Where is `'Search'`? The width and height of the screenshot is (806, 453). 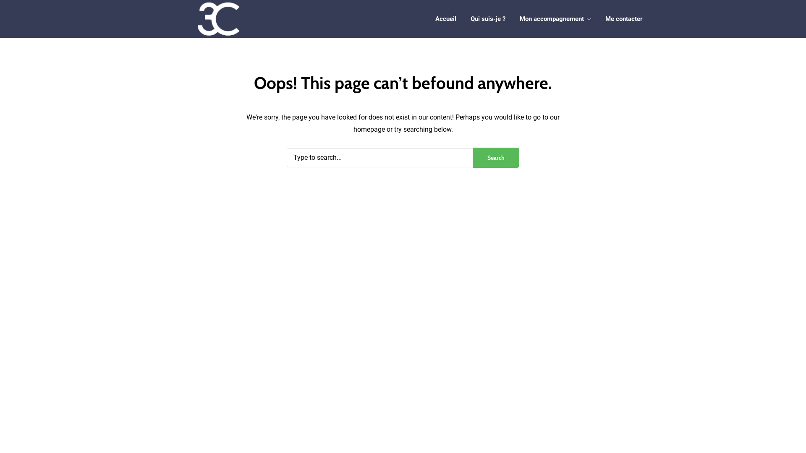
'Search' is located at coordinates (473, 157).